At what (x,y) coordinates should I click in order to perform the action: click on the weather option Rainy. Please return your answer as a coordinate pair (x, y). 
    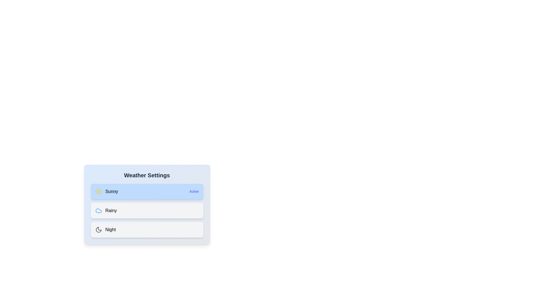
    Looking at the image, I should click on (147, 211).